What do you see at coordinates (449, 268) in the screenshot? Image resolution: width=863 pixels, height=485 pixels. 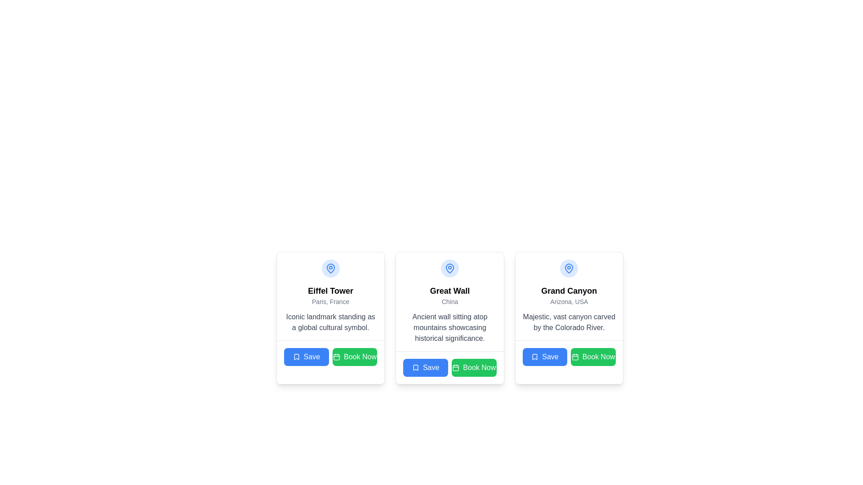 I see `the inner heart-shaped part of the location pin icon, which is filled with a gradient color from blue to light blue, positioned above the 'Great Wall' card in the interface` at bounding box center [449, 268].